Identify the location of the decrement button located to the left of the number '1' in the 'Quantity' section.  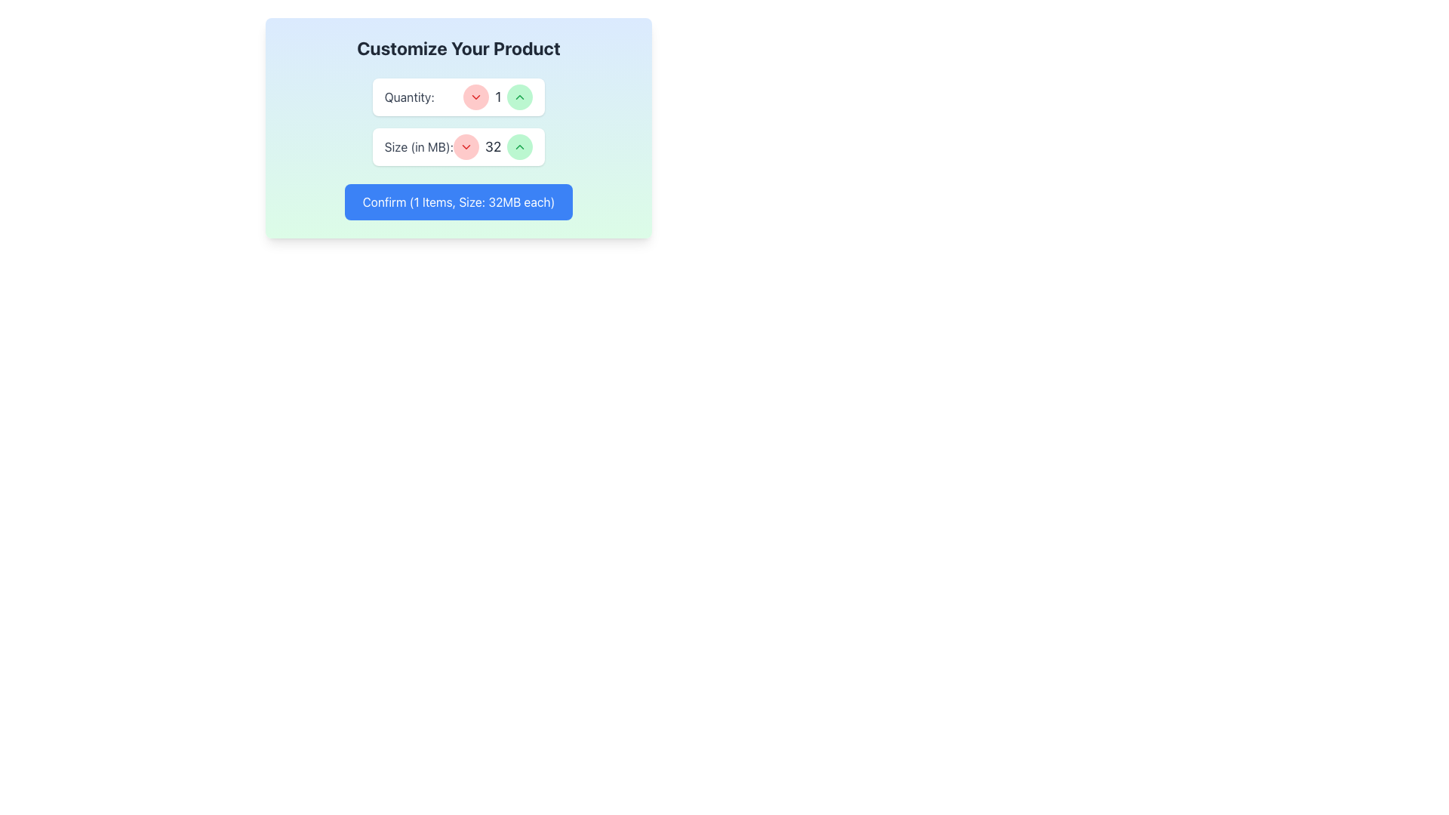
(475, 97).